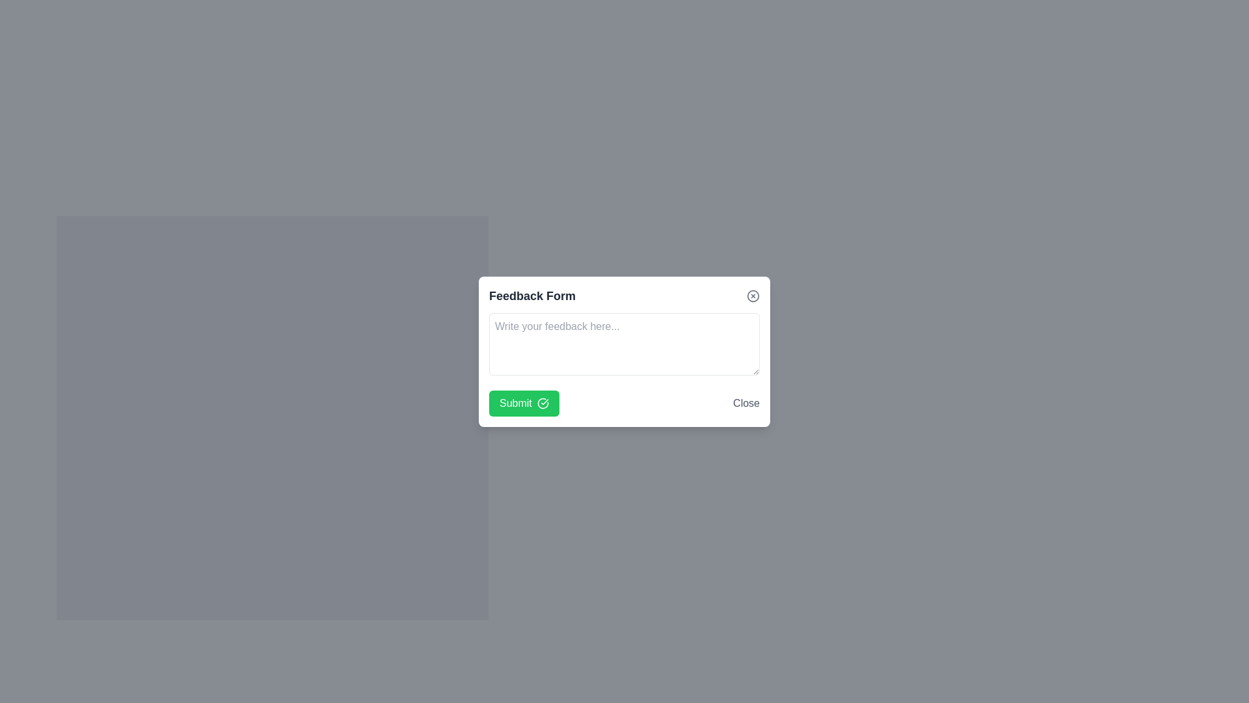  I want to click on the 'Submit' button to submit the feedback, so click(524, 402).